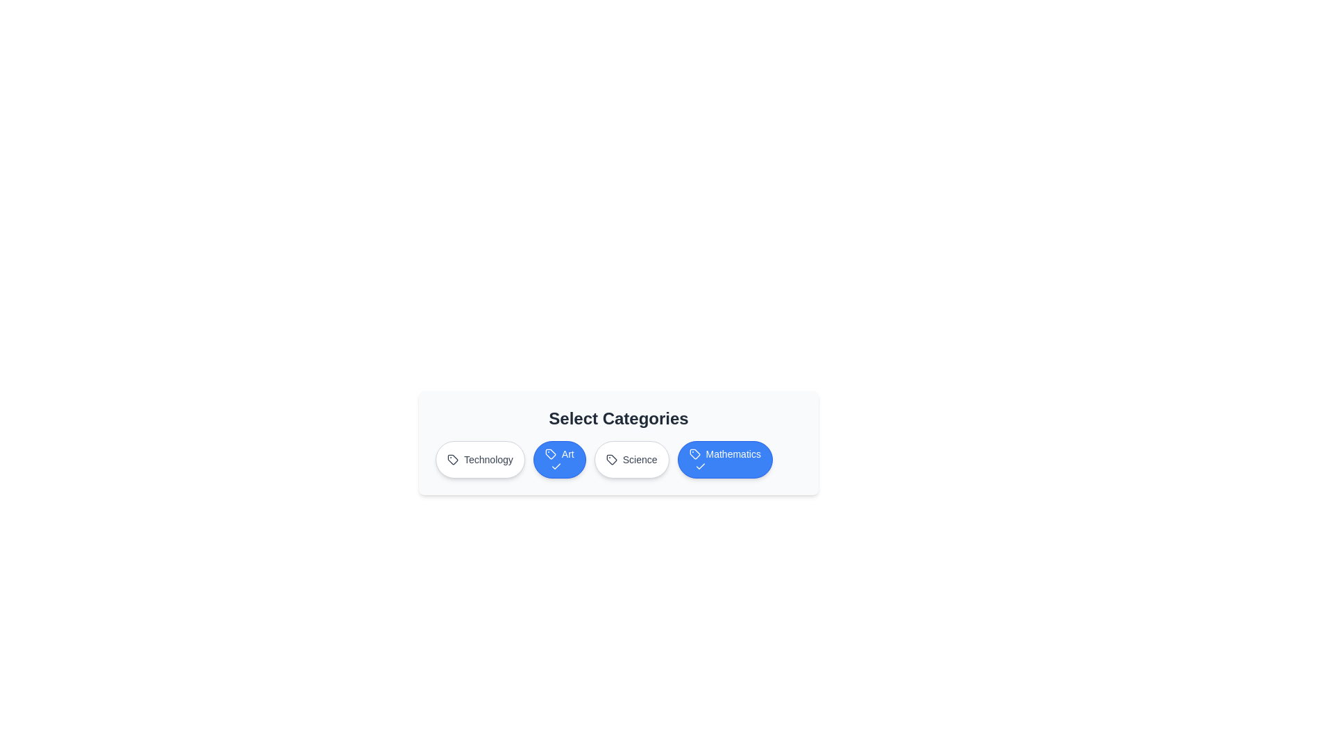  What do you see at coordinates (724, 460) in the screenshot?
I see `the category button labeled 'Mathematics'` at bounding box center [724, 460].